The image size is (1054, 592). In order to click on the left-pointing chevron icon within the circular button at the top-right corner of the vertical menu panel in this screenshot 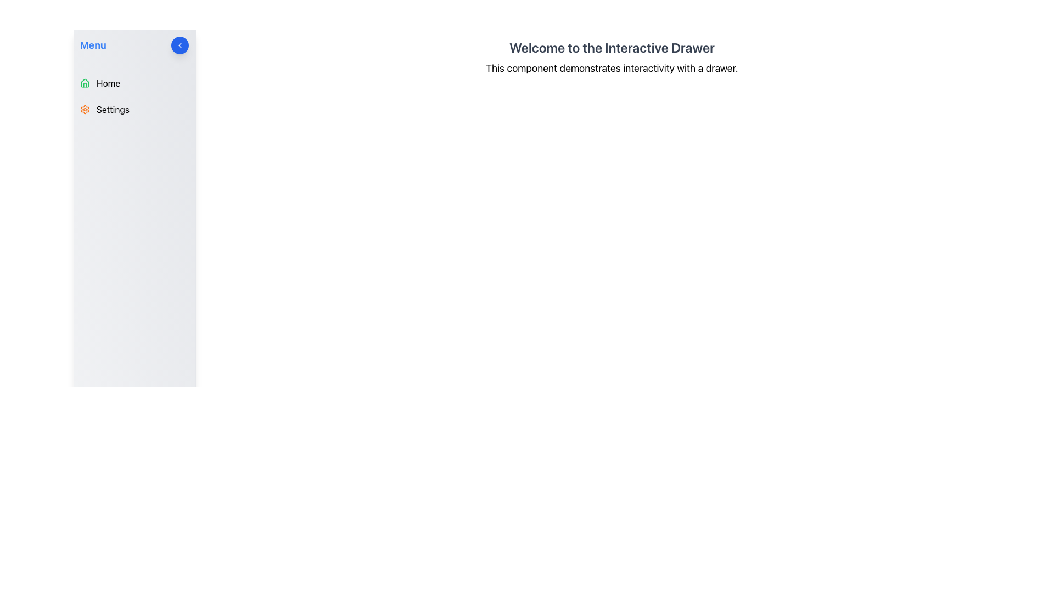, I will do `click(180, 45)`.